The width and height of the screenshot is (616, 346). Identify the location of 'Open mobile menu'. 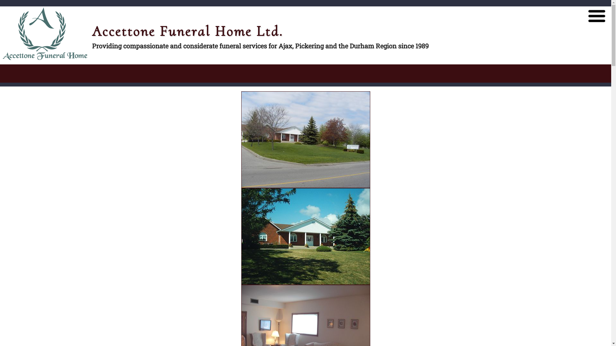
(596, 16).